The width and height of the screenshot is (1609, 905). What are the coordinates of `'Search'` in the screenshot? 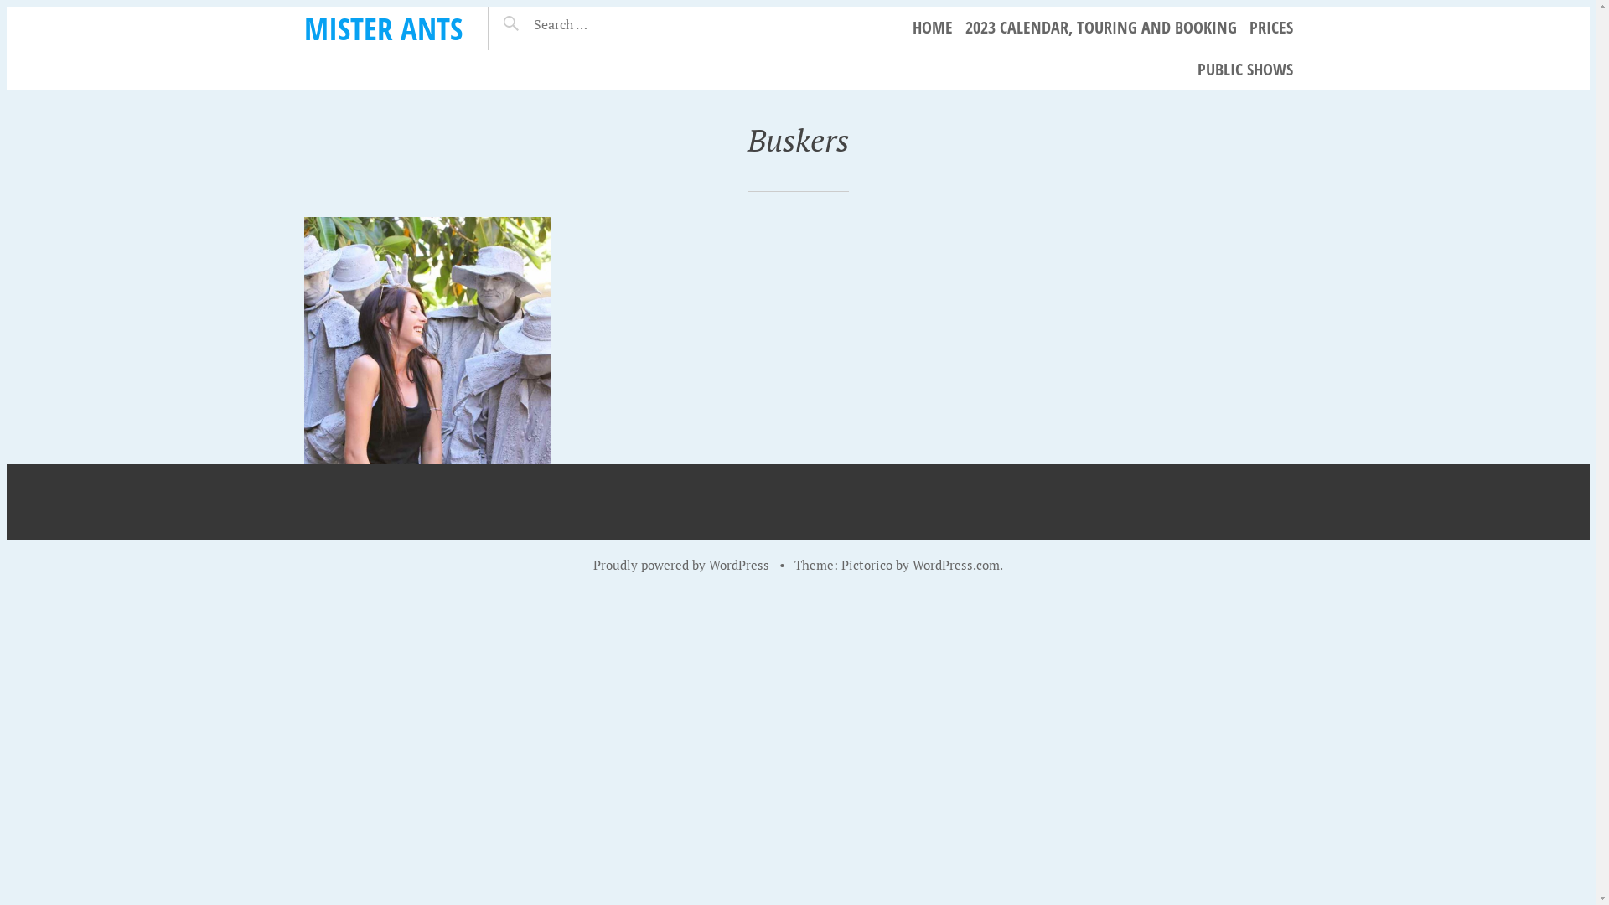 It's located at (593, 17).